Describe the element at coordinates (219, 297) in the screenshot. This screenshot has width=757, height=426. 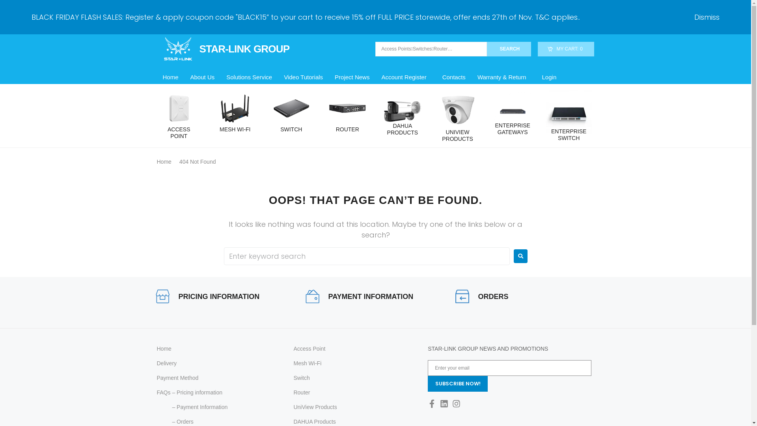
I see `'PRICING INFORMATION'` at that location.